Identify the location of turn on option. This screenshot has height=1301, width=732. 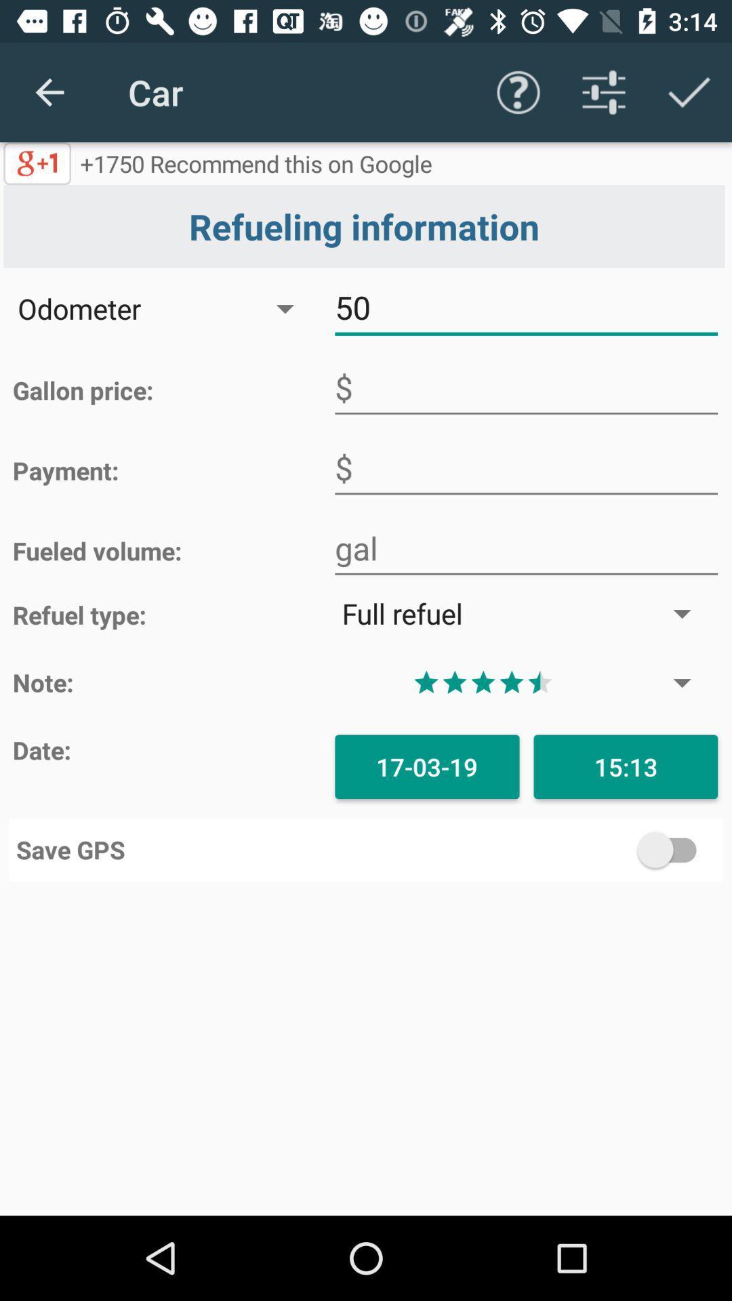
(540, 849).